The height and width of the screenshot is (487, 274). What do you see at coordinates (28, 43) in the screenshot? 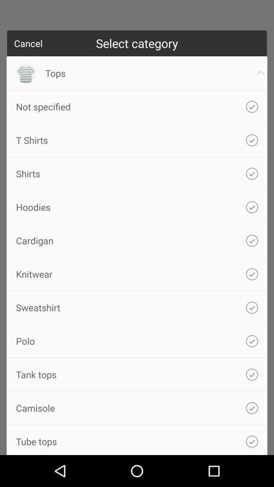
I see `cancel icon` at bounding box center [28, 43].